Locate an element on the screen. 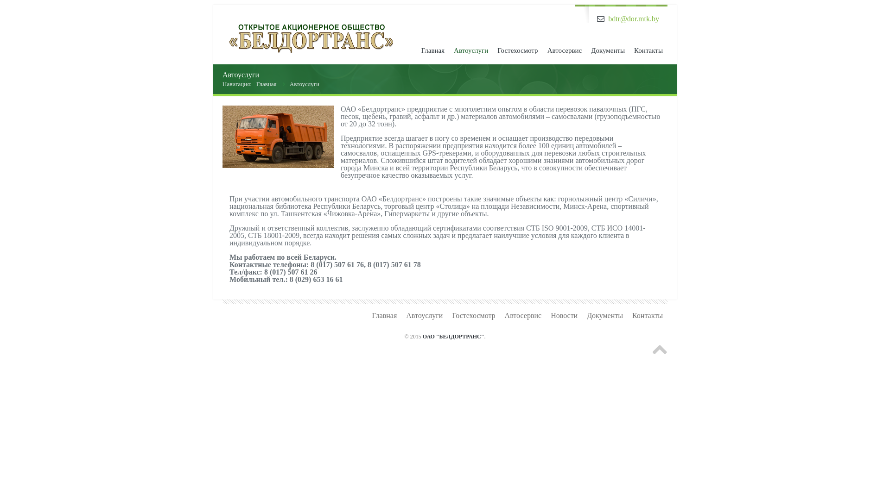 The height and width of the screenshot is (500, 890). 'bdtr@dor.mtk.by' is located at coordinates (633, 19).